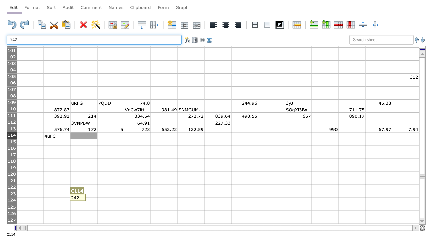 The height and width of the screenshot is (241, 429). Describe the element at coordinates (110, 200) in the screenshot. I see `D124` at that location.